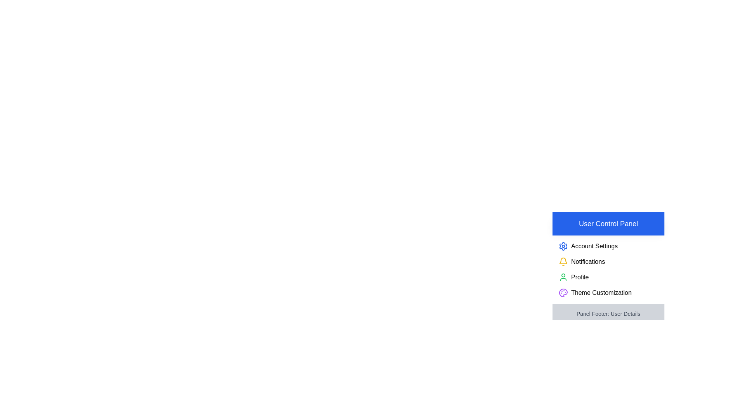 The height and width of the screenshot is (419, 746). I want to click on the 'Toggle Panel' button to toggle the visibility of the drawer, so click(577, 220).